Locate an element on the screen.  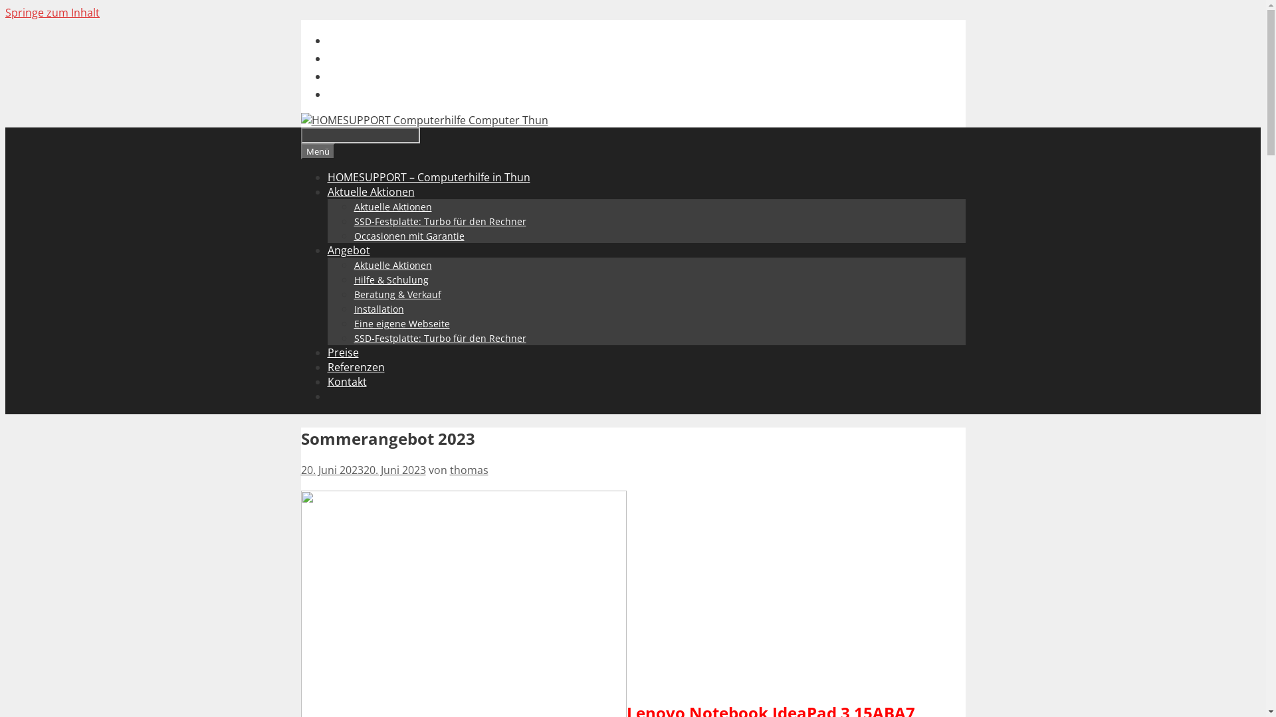
'20. Juni 202320. Juni 2023' is located at coordinates (363, 469).